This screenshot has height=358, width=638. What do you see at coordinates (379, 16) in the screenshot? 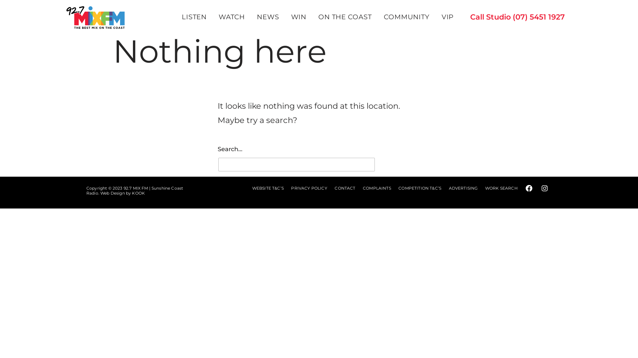
I see `'COMMUNITY'` at bounding box center [379, 16].